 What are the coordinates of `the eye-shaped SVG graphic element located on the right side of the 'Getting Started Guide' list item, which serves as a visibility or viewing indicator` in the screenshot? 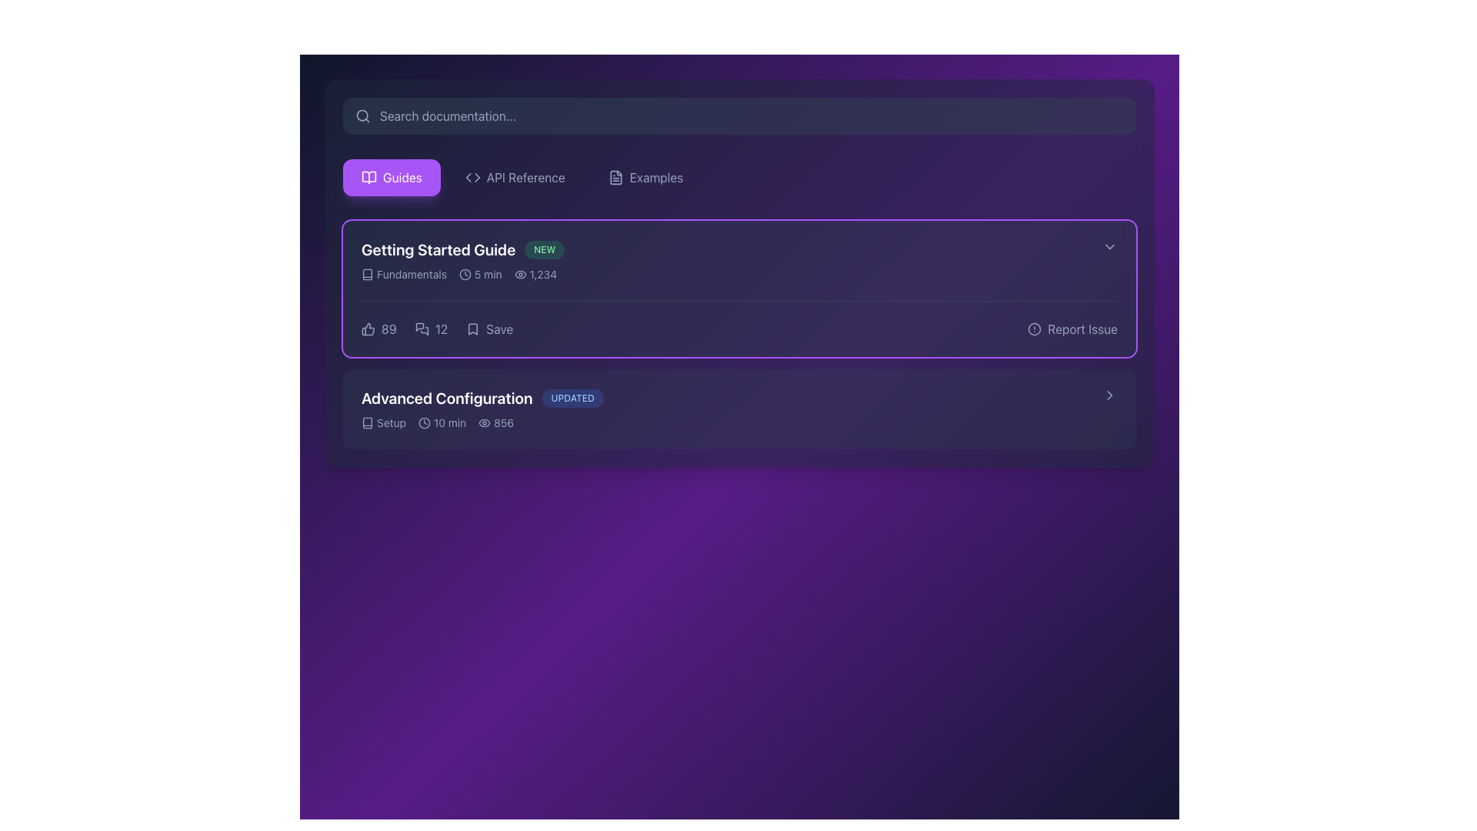 It's located at (520, 274).